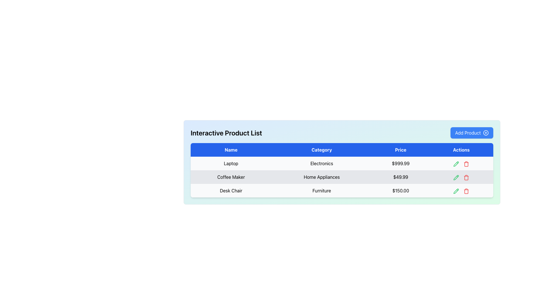  Describe the element at coordinates (466, 178) in the screenshot. I see `the trash can icon representing the delete action for the 'Coffee Maker' product entry` at that location.